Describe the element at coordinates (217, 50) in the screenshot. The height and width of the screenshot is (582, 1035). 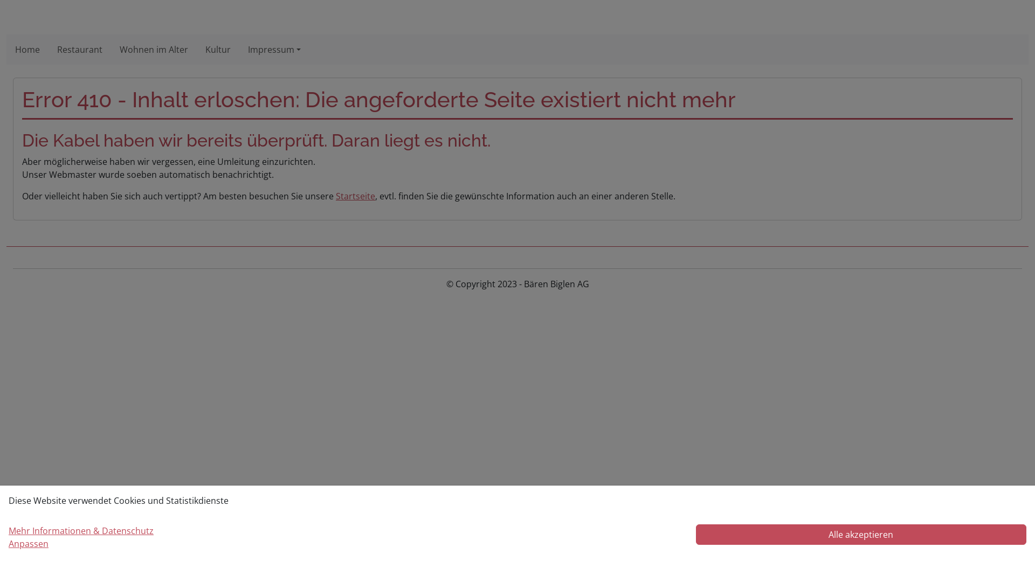
I see `'Kultur'` at that location.